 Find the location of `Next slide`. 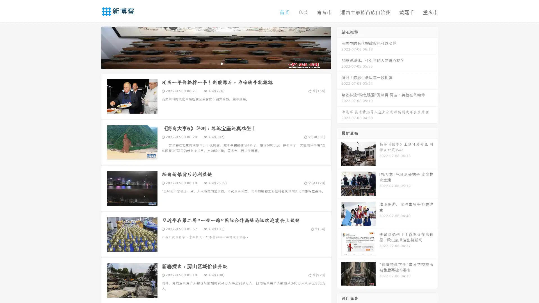

Next slide is located at coordinates (339, 47).